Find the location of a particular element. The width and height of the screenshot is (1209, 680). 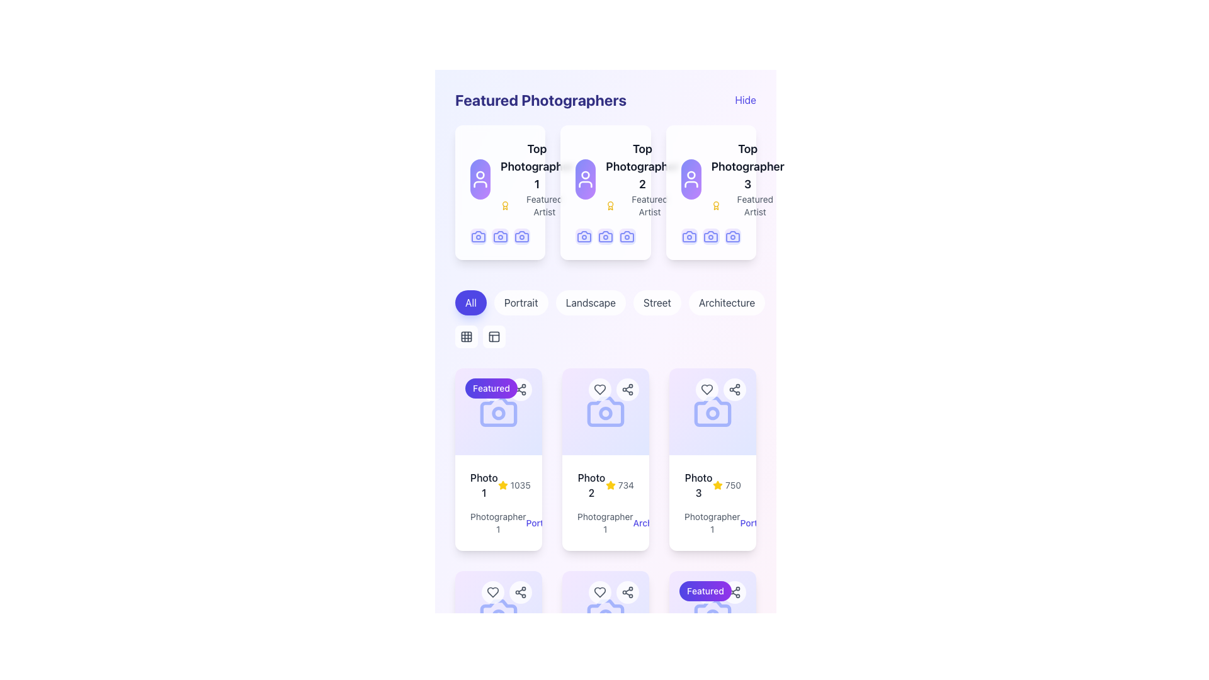

the filled star icon that indicates a rating or popularity status is located at coordinates (502, 485).